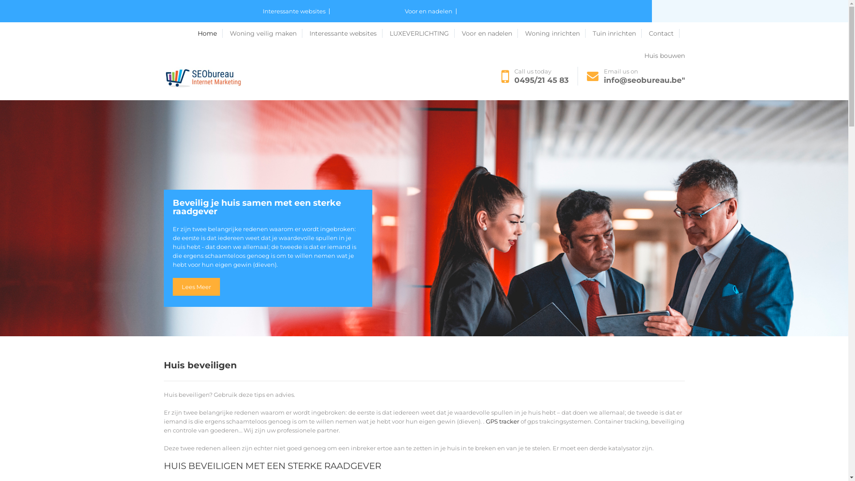 This screenshot has width=855, height=481. I want to click on 'GPS tracker', so click(502, 421).